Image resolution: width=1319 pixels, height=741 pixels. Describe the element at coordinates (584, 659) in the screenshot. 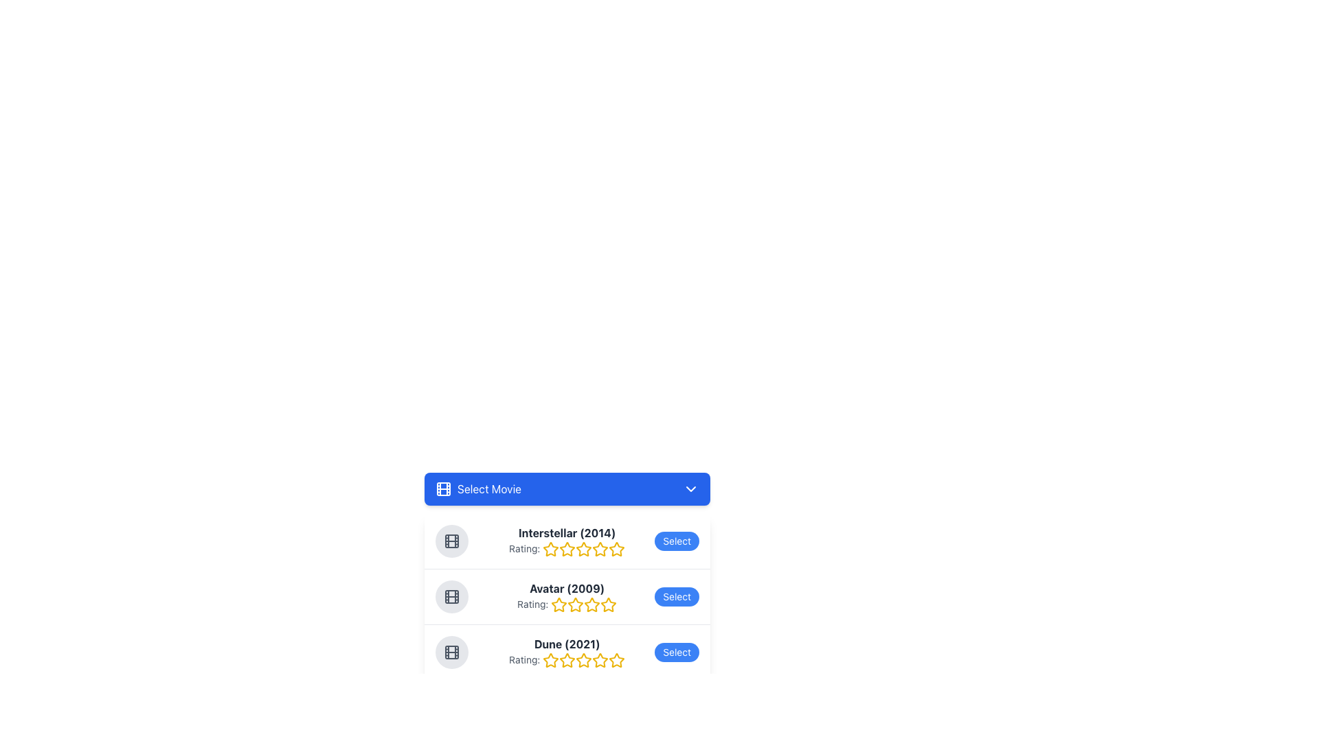

I see `the third star rating icon for the movie 'Dune (2021)' to rate it` at that location.